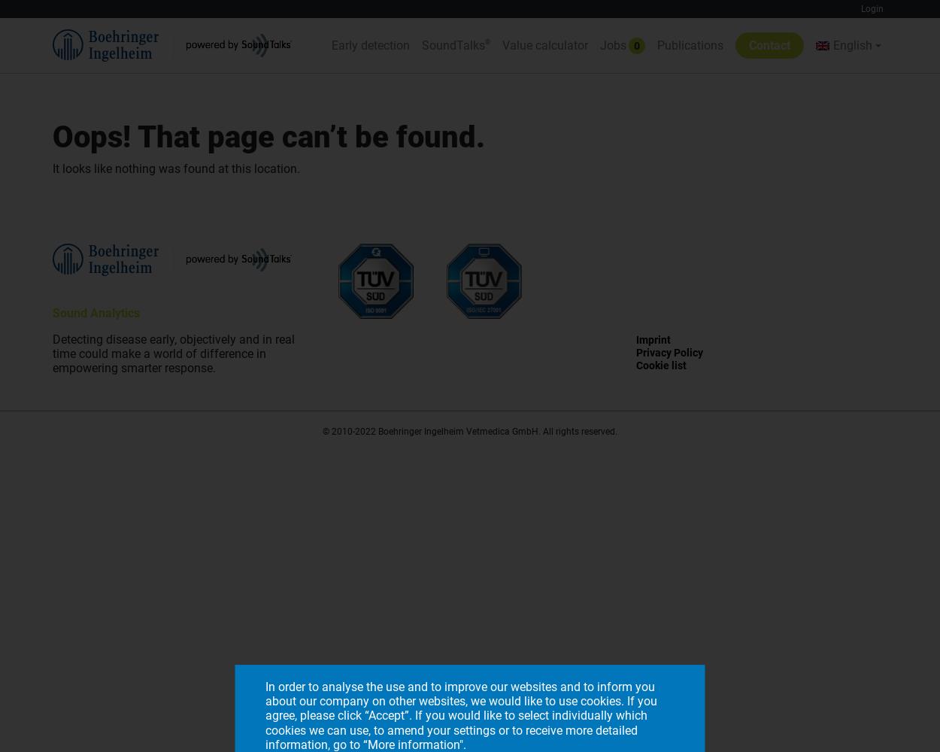 This screenshot has height=752, width=940. What do you see at coordinates (861, 9) in the screenshot?
I see `'Login'` at bounding box center [861, 9].